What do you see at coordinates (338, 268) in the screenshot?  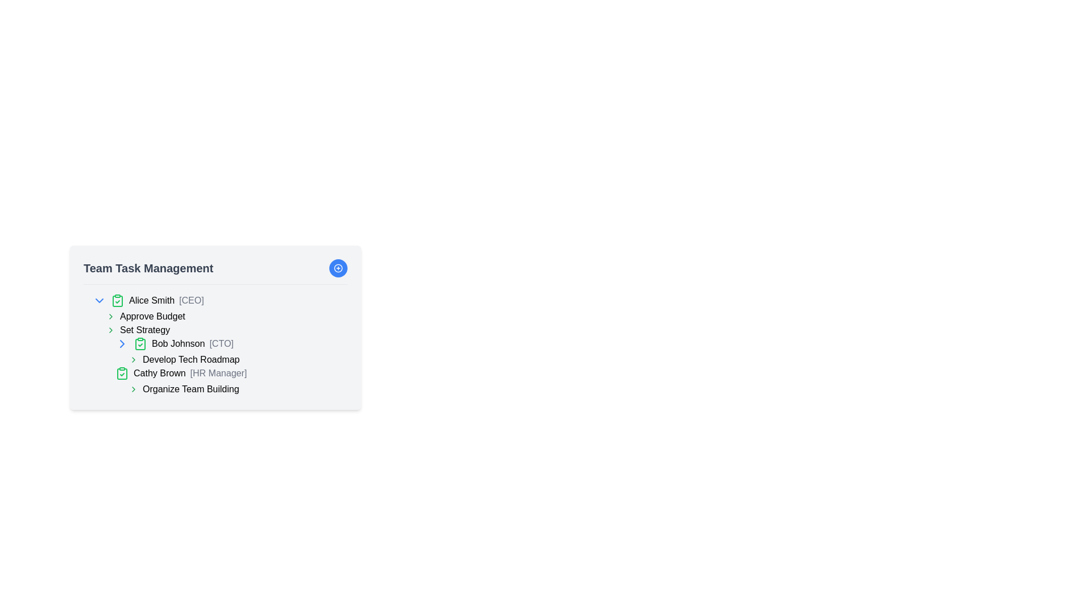 I see `the circular outline of the 'circle plus' icon located in the top-right corner of the 'Team Task Management' card, which features a 2px border and a theme color consistent with the interface` at bounding box center [338, 268].